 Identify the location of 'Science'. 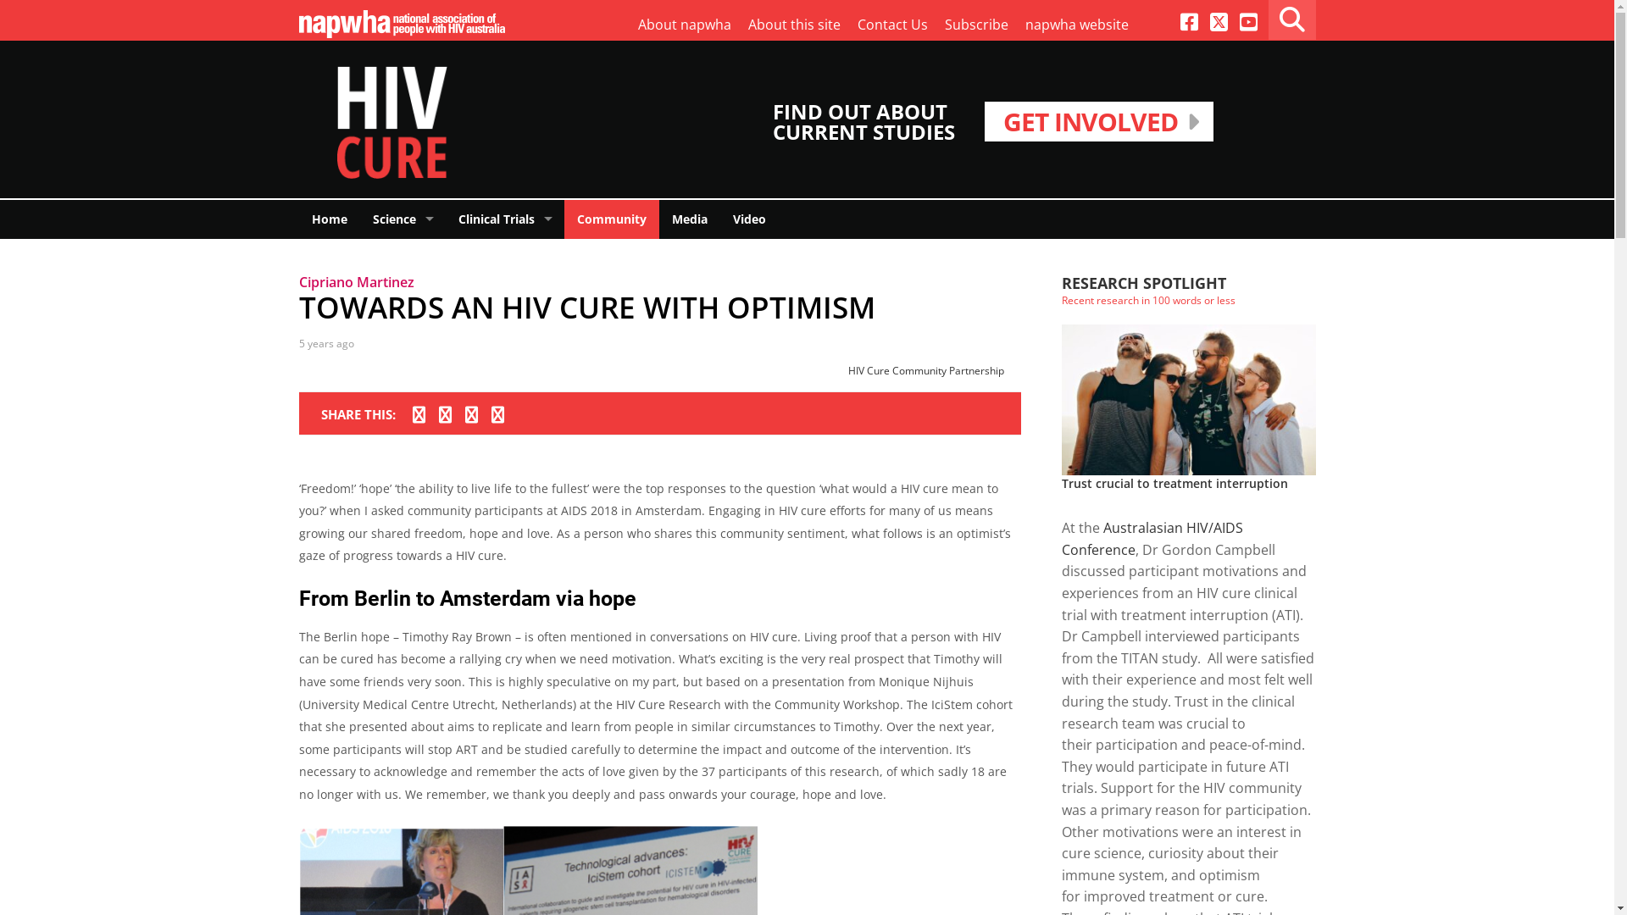
(358, 218).